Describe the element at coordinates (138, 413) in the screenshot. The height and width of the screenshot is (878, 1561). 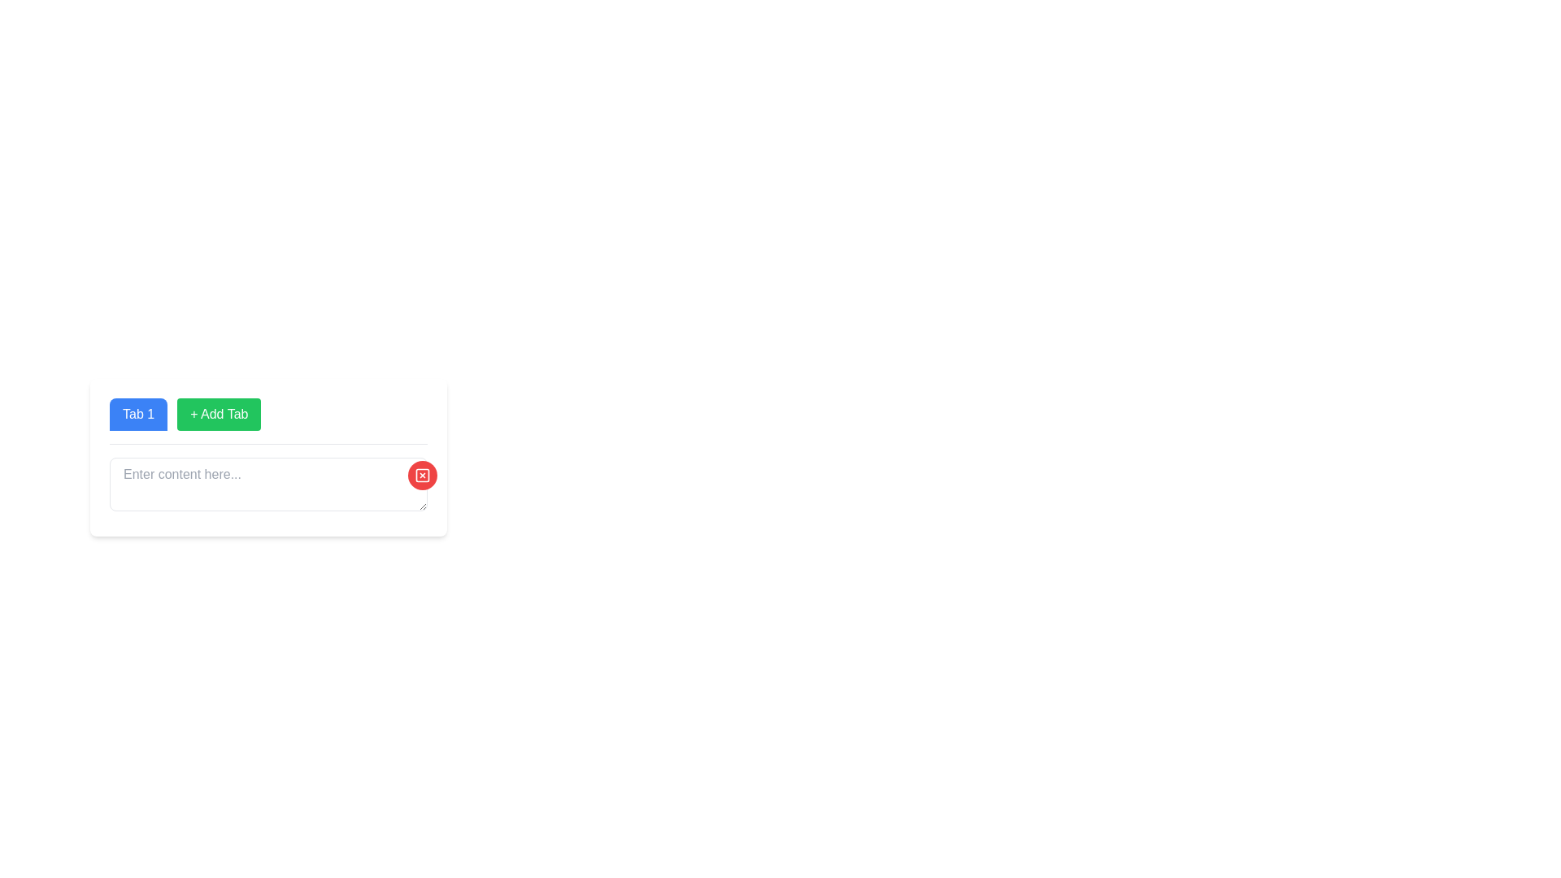
I see `the blue button labeled 'Tab 1'` at that location.